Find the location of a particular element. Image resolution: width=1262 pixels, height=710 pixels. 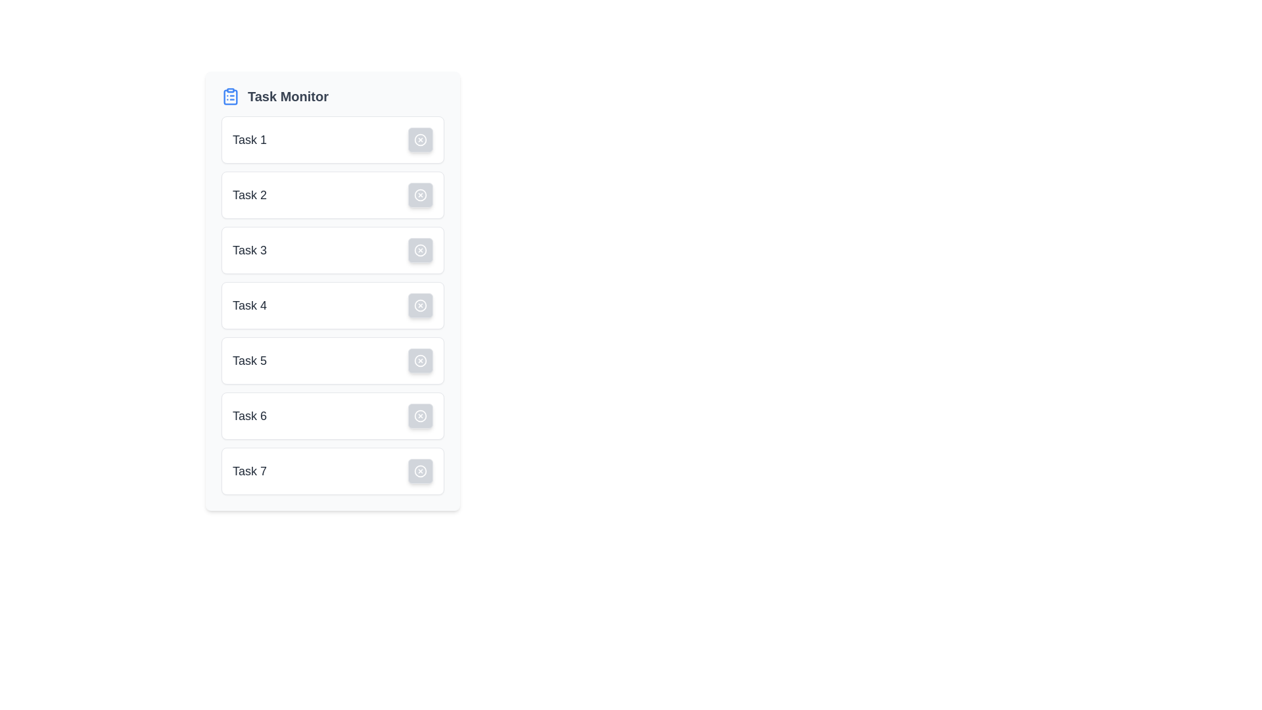

the circular icon/button for Task 6 in the task list panel, located at the end of the row, aligned to the right is located at coordinates (419, 415).